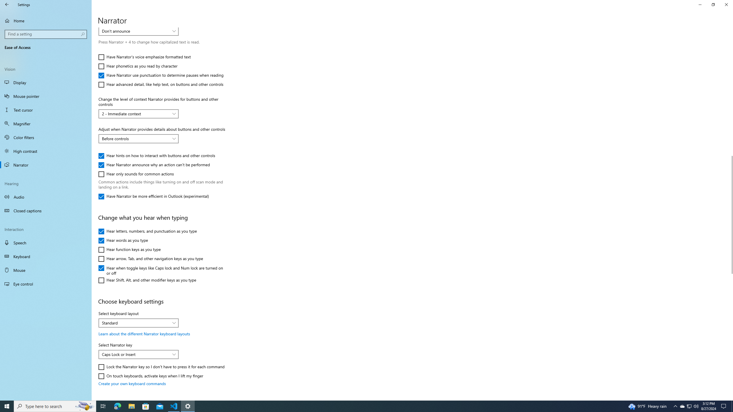 Image resolution: width=733 pixels, height=412 pixels. Describe the element at coordinates (147, 280) in the screenshot. I see `'Hear Shift, Alt, and other modifier keys as you type'` at that location.